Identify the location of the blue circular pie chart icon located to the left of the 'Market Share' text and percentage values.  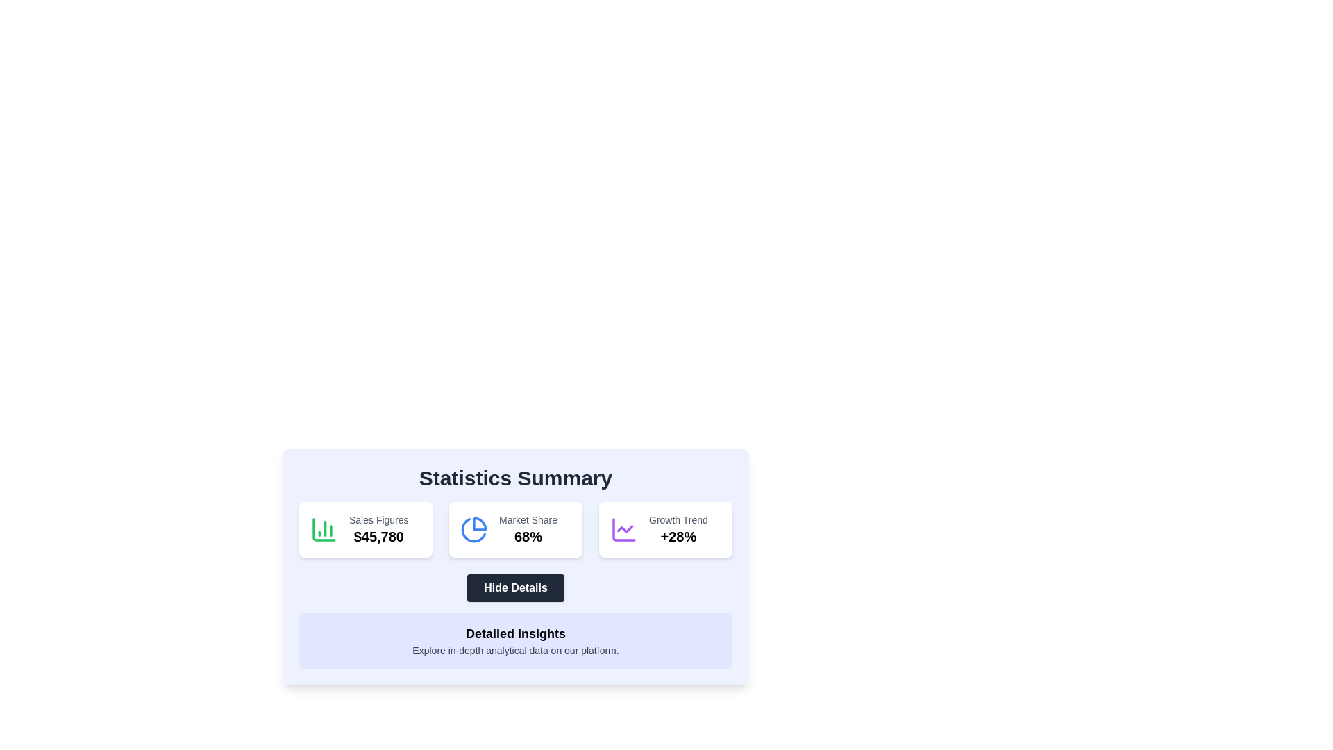
(473, 530).